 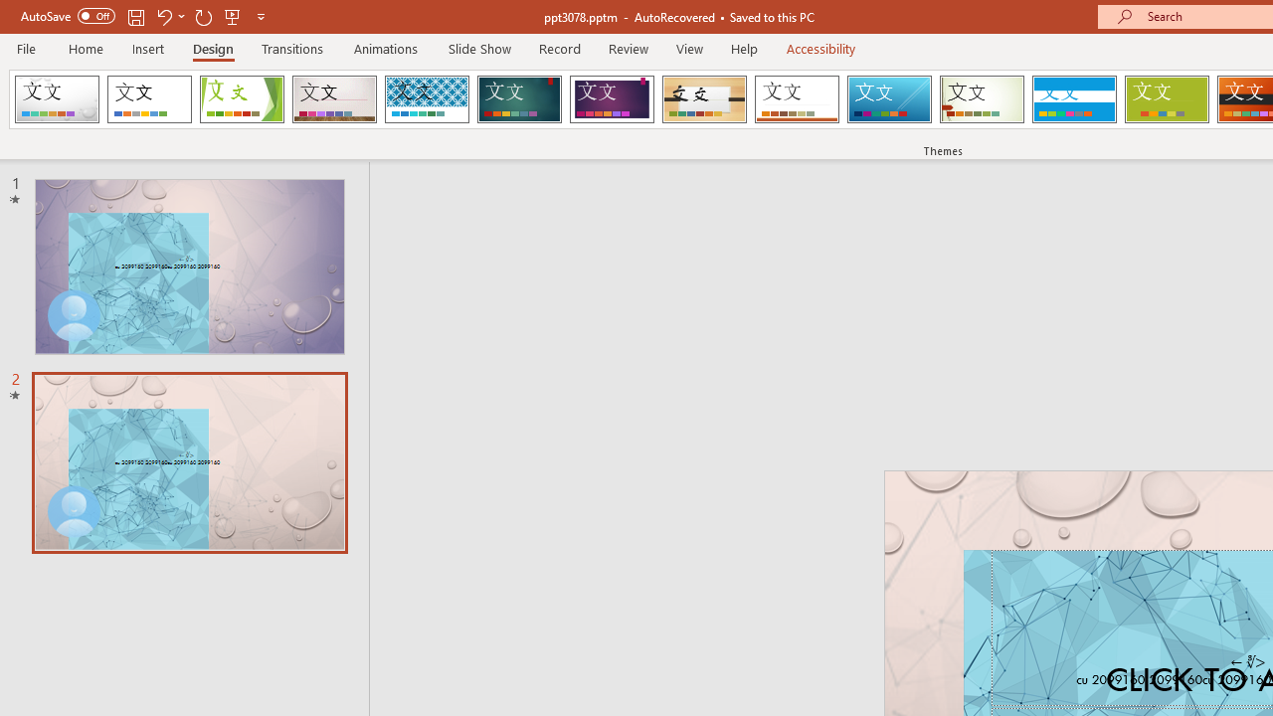 I want to click on 'Wisp', so click(x=982, y=99).